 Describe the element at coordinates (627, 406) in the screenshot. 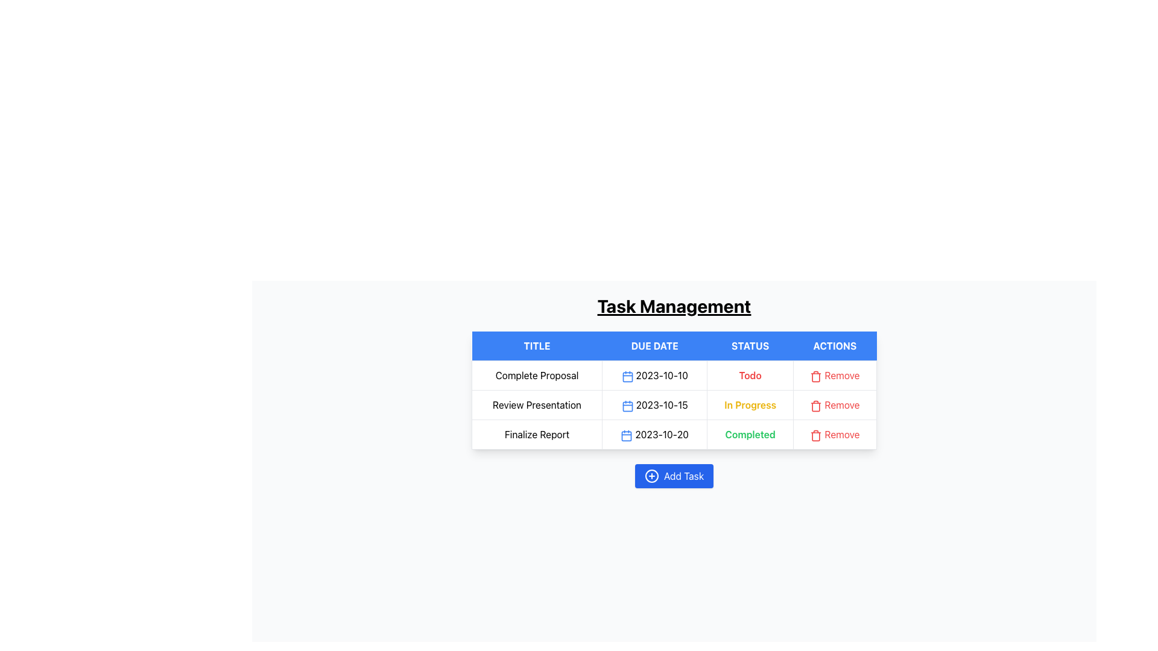

I see `the rounded rectangle minimalistic calendar icon within the 'DUE DATE' column in the second row of the table` at that location.